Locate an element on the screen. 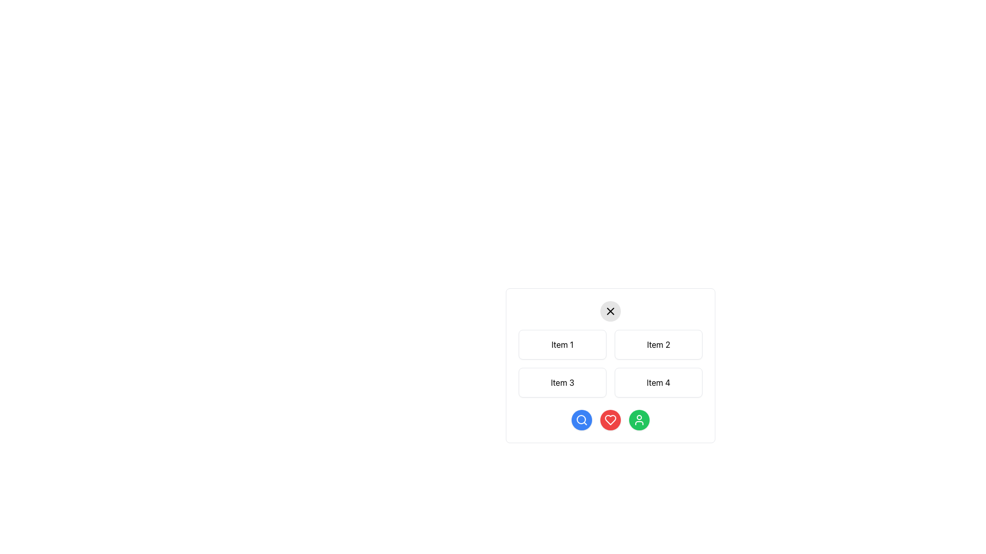  the text label displaying 'Item 1' located in the top-left corner of the grid layout, which serves as a label or an inactive button is located at coordinates (562, 344).